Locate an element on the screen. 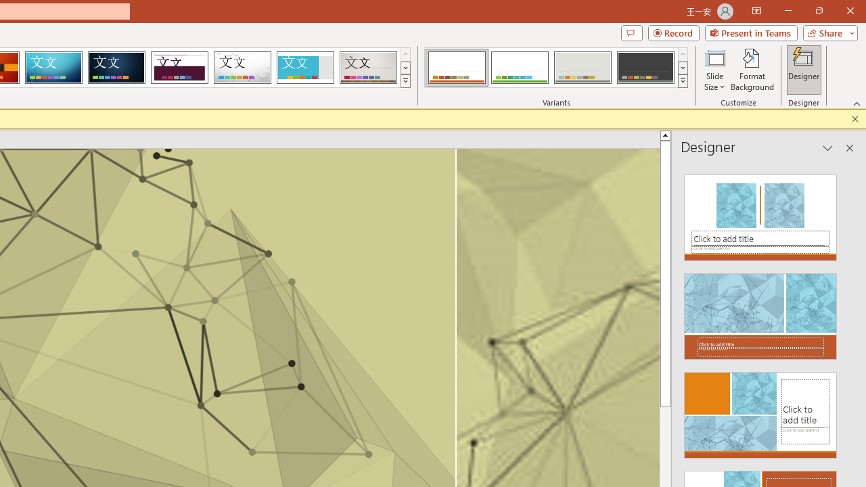 The height and width of the screenshot is (487, 866). 'Retrospect Variant 2' is located at coordinates (519, 68).